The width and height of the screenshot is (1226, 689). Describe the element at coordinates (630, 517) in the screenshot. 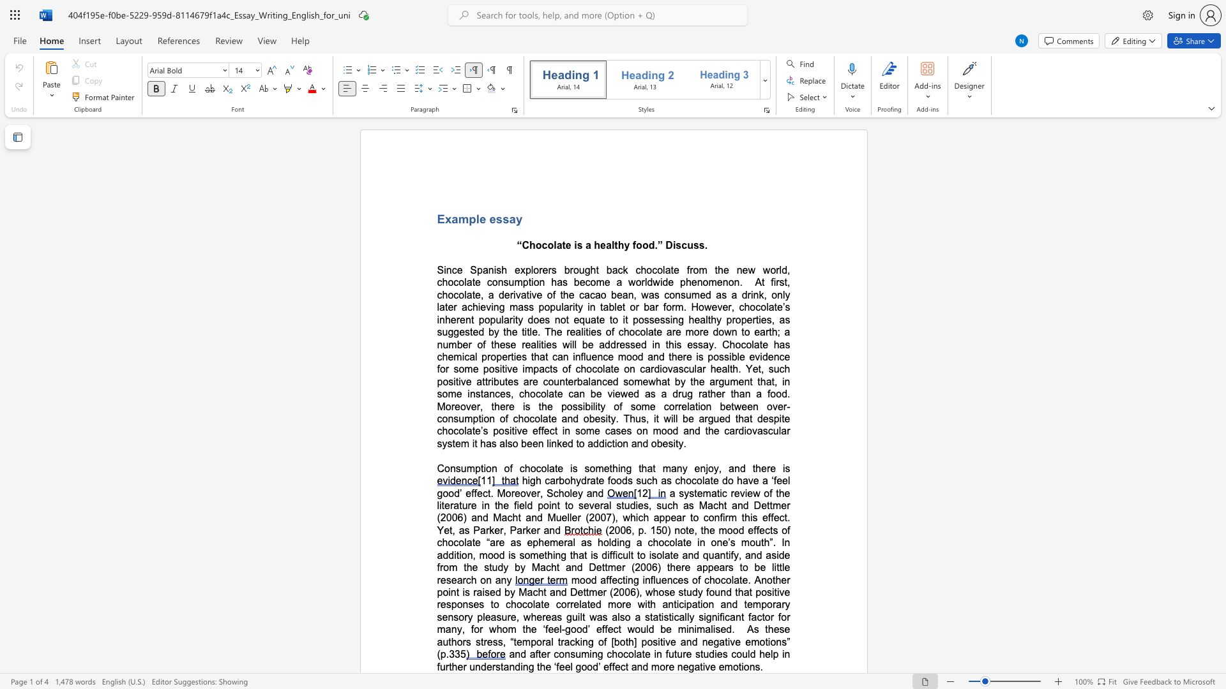

I see `the subset text "hic" within the text "a systematic review of the literature in the field point to several studies, such as Macht and Dettmer (2006) and Macht and Mueller (2007), which"` at that location.